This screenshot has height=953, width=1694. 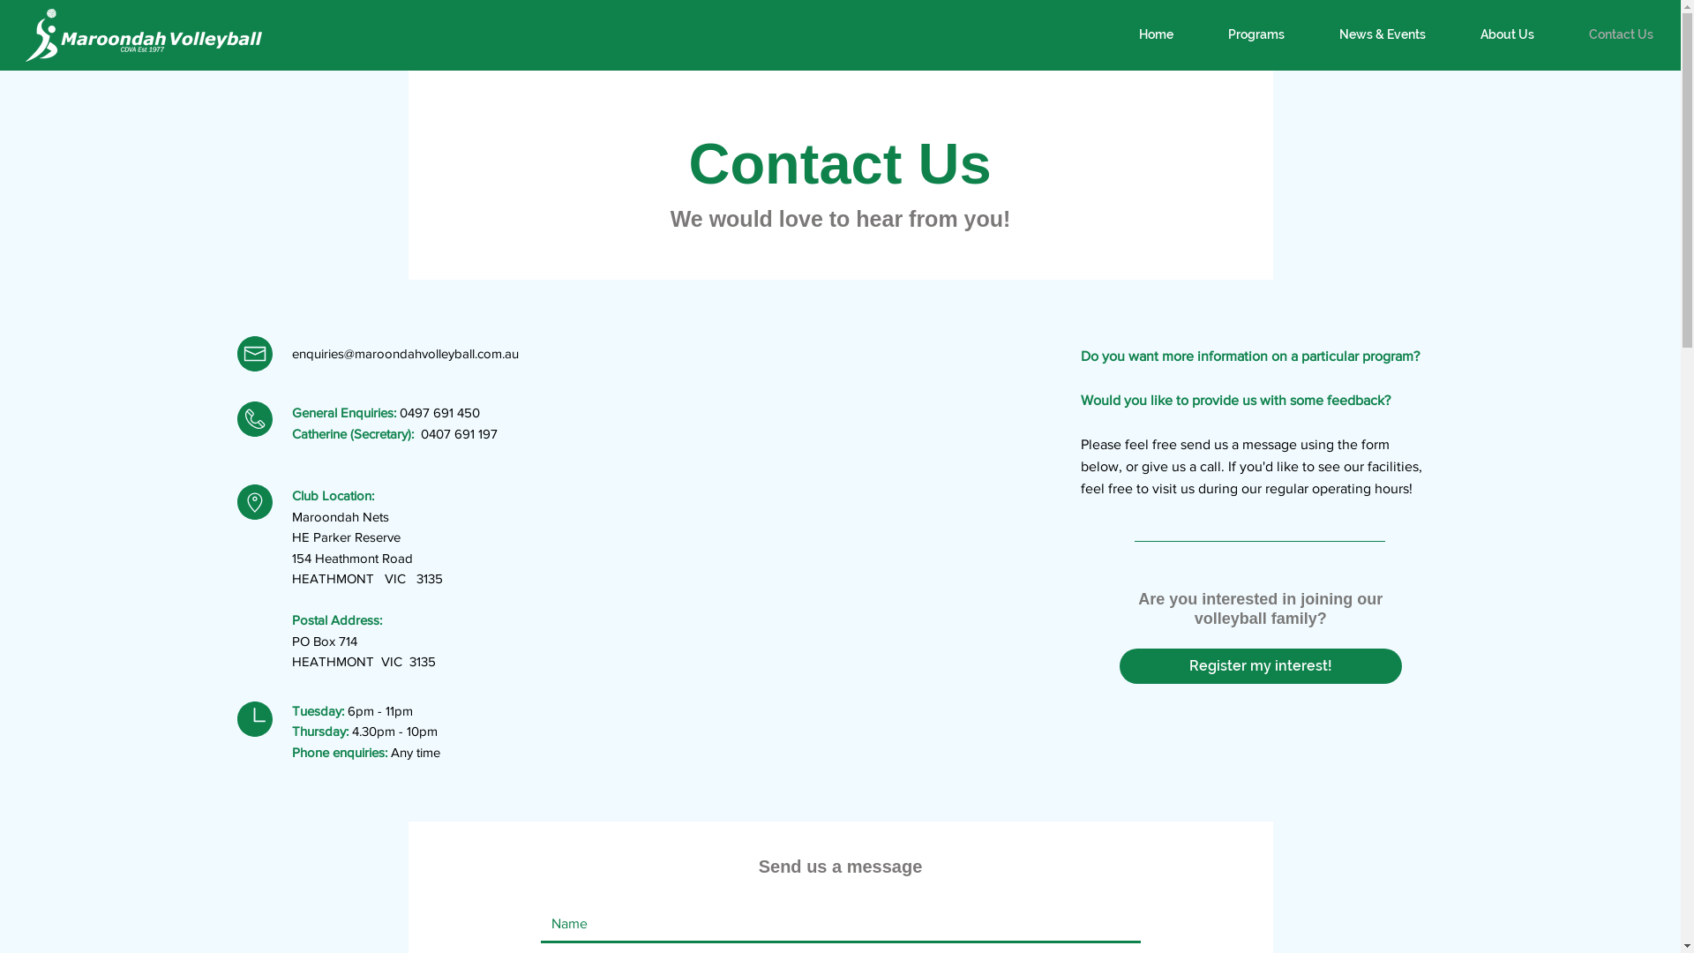 I want to click on 'Contact Us', so click(x=1621, y=34).